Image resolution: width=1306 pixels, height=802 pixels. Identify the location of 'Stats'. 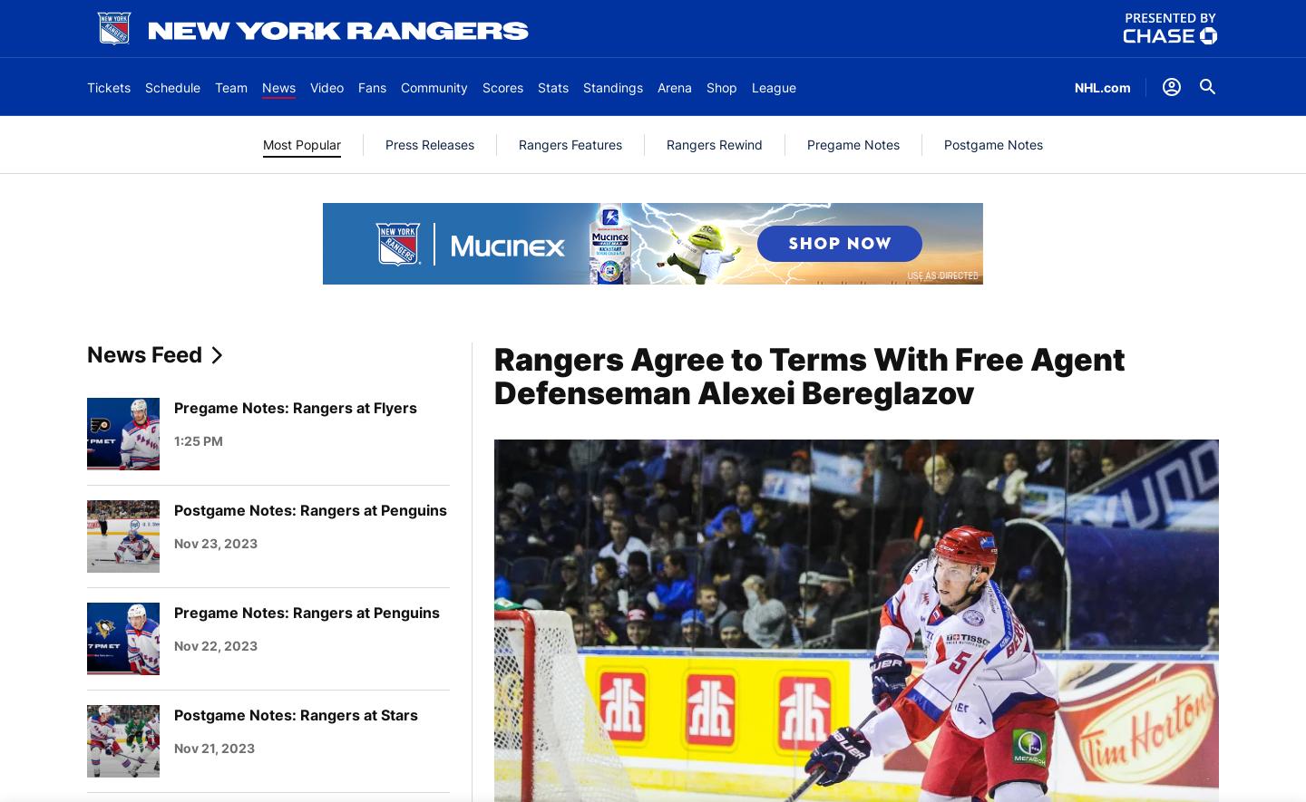
(551, 86).